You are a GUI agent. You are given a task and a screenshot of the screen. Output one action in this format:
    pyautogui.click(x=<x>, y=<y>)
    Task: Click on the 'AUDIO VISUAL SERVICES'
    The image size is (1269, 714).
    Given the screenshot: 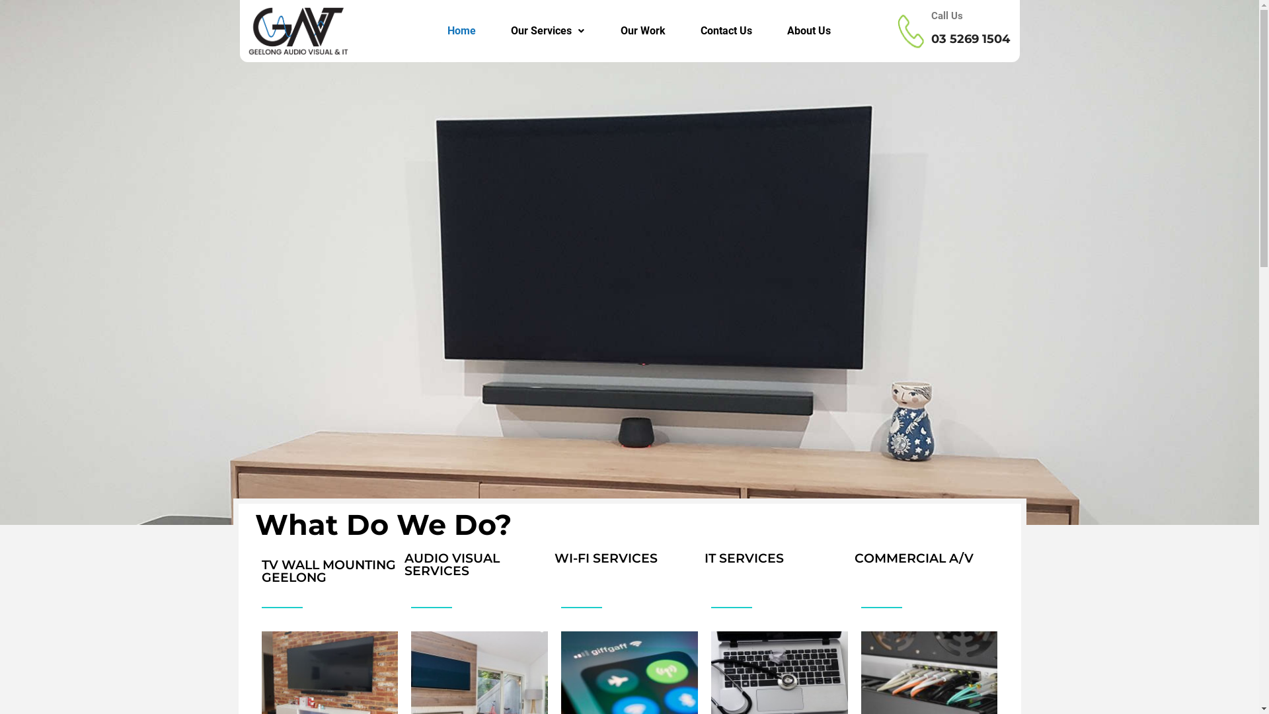 What is the action you would take?
    pyautogui.click(x=451, y=564)
    